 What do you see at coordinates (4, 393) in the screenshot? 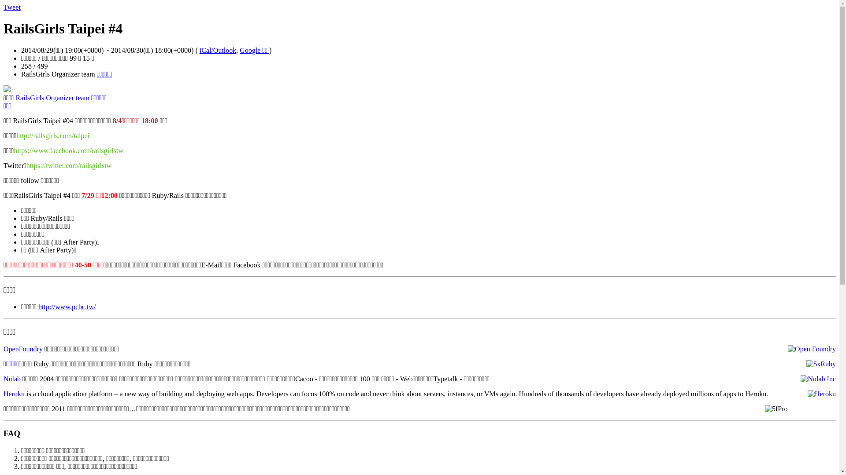
I see `'Heroku'` at bounding box center [4, 393].